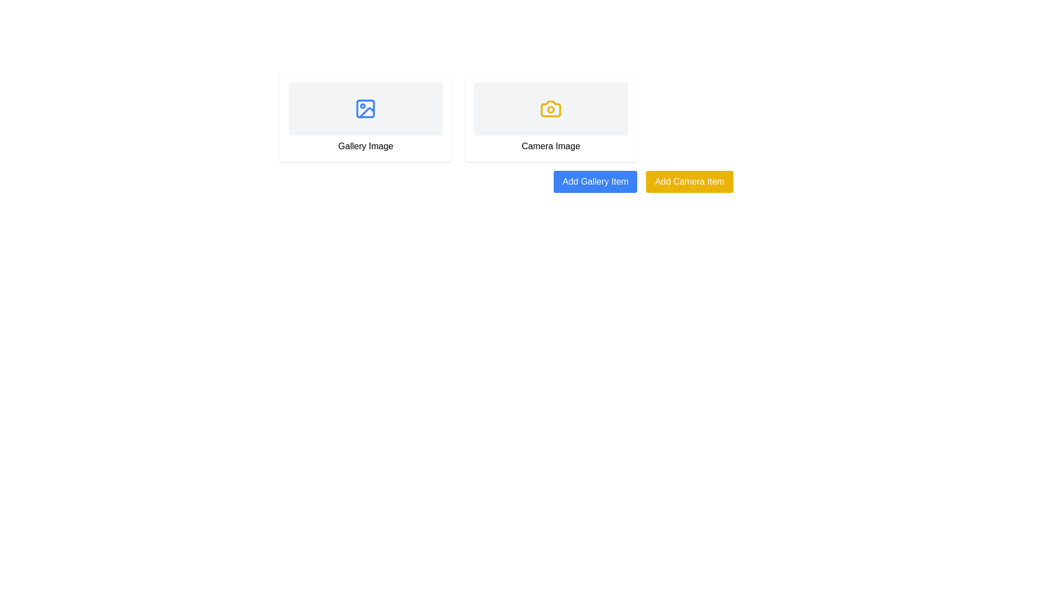 The height and width of the screenshot is (597, 1062). What do you see at coordinates (551, 117) in the screenshot?
I see `the non-interactive card component that visually represents a camera-related image, located to the right of the 'Gallery Image' card in a grid layout` at bounding box center [551, 117].